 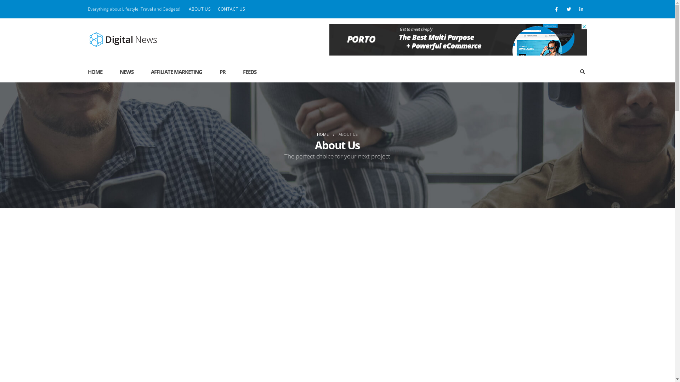 I want to click on 'FEEDS', so click(x=250, y=72).